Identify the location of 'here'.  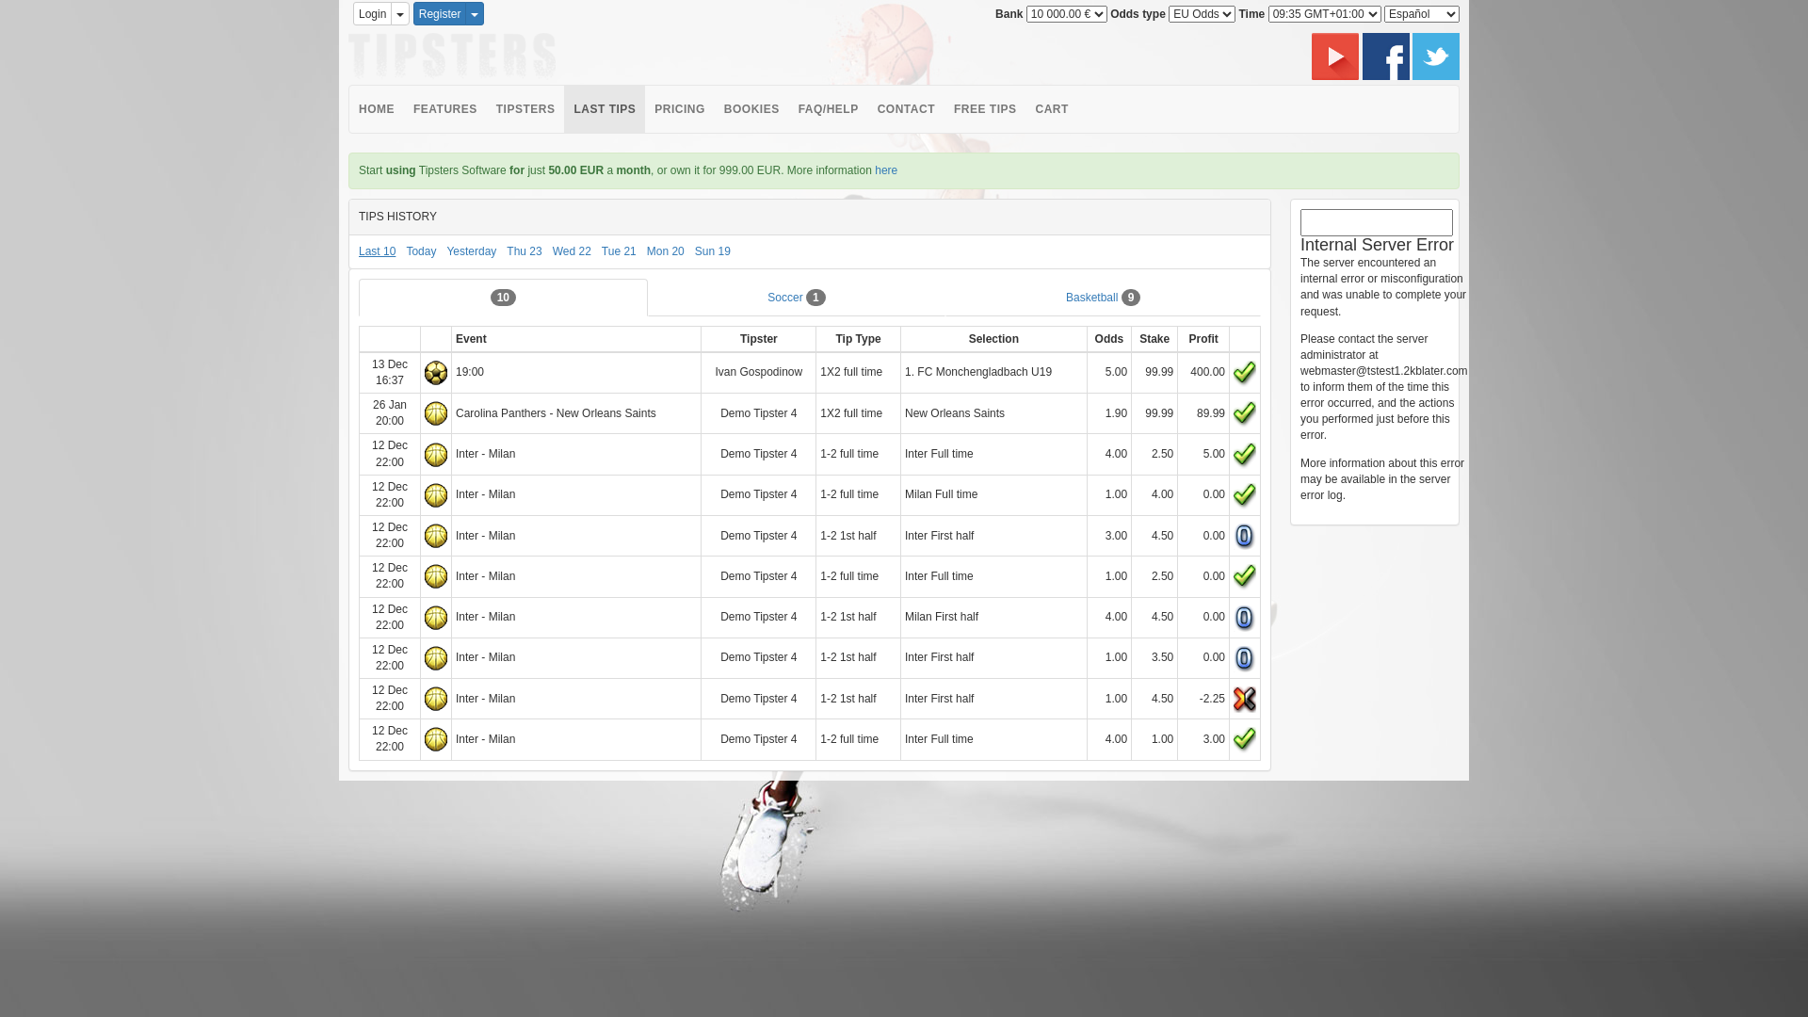
(884, 170).